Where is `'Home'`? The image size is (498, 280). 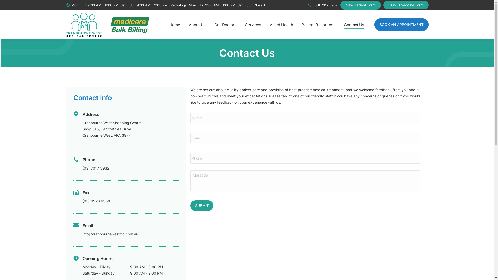 'Home' is located at coordinates (174, 25).